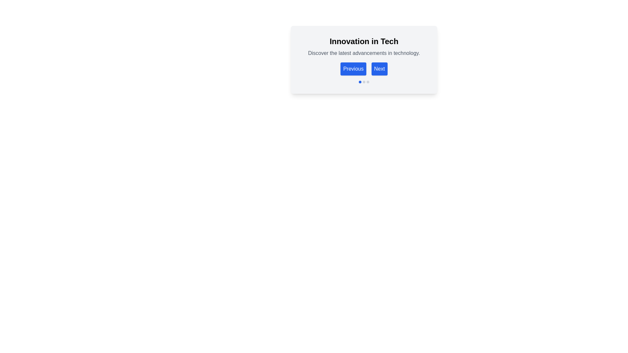 Image resolution: width=628 pixels, height=353 pixels. What do you see at coordinates (379, 69) in the screenshot?
I see `the rectangular 'Next' button with white text on a blue background` at bounding box center [379, 69].